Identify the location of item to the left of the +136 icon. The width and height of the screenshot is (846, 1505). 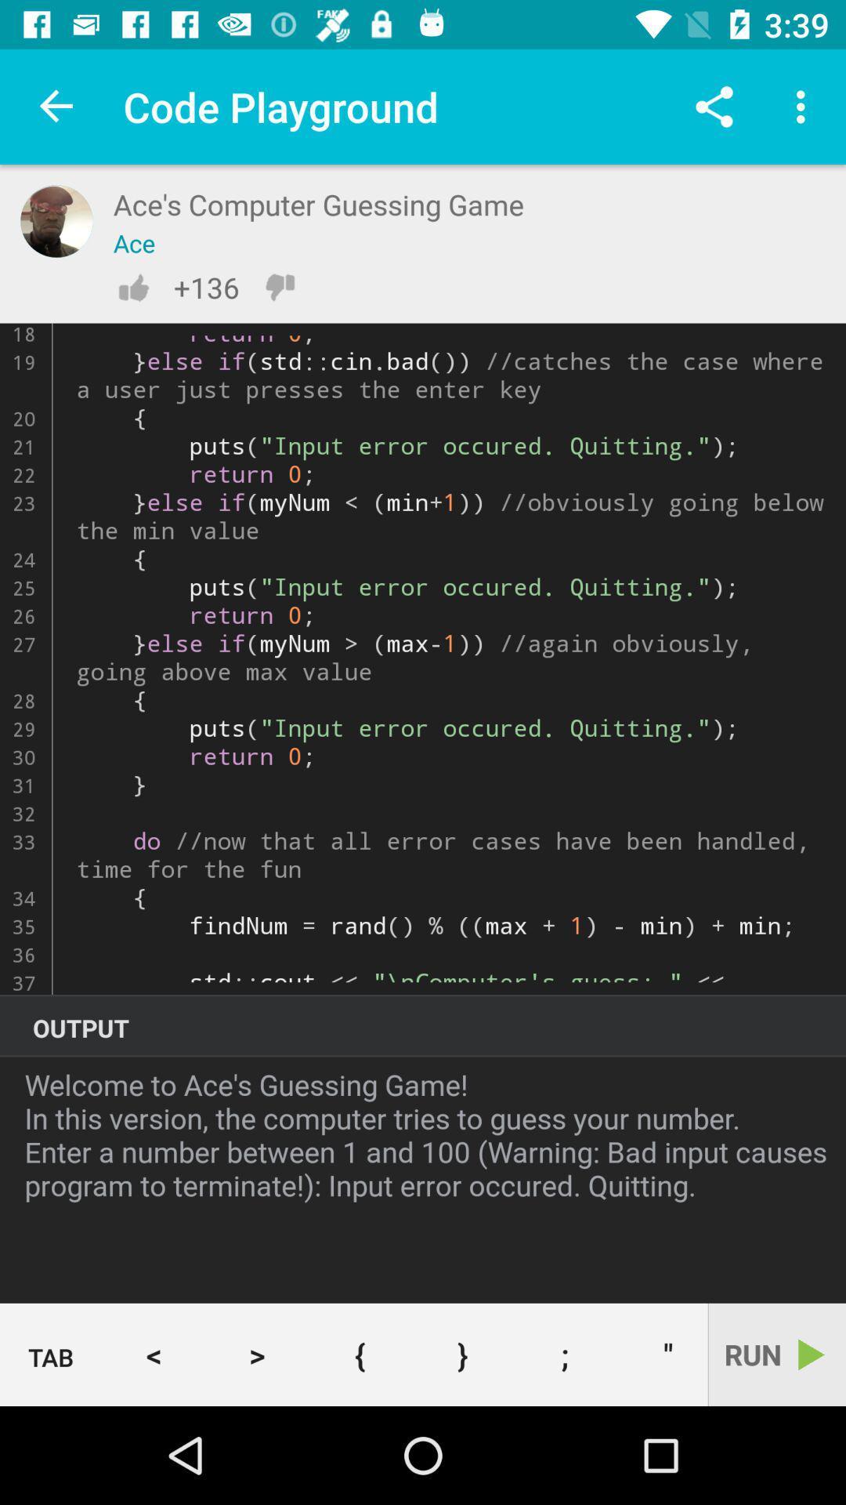
(132, 287).